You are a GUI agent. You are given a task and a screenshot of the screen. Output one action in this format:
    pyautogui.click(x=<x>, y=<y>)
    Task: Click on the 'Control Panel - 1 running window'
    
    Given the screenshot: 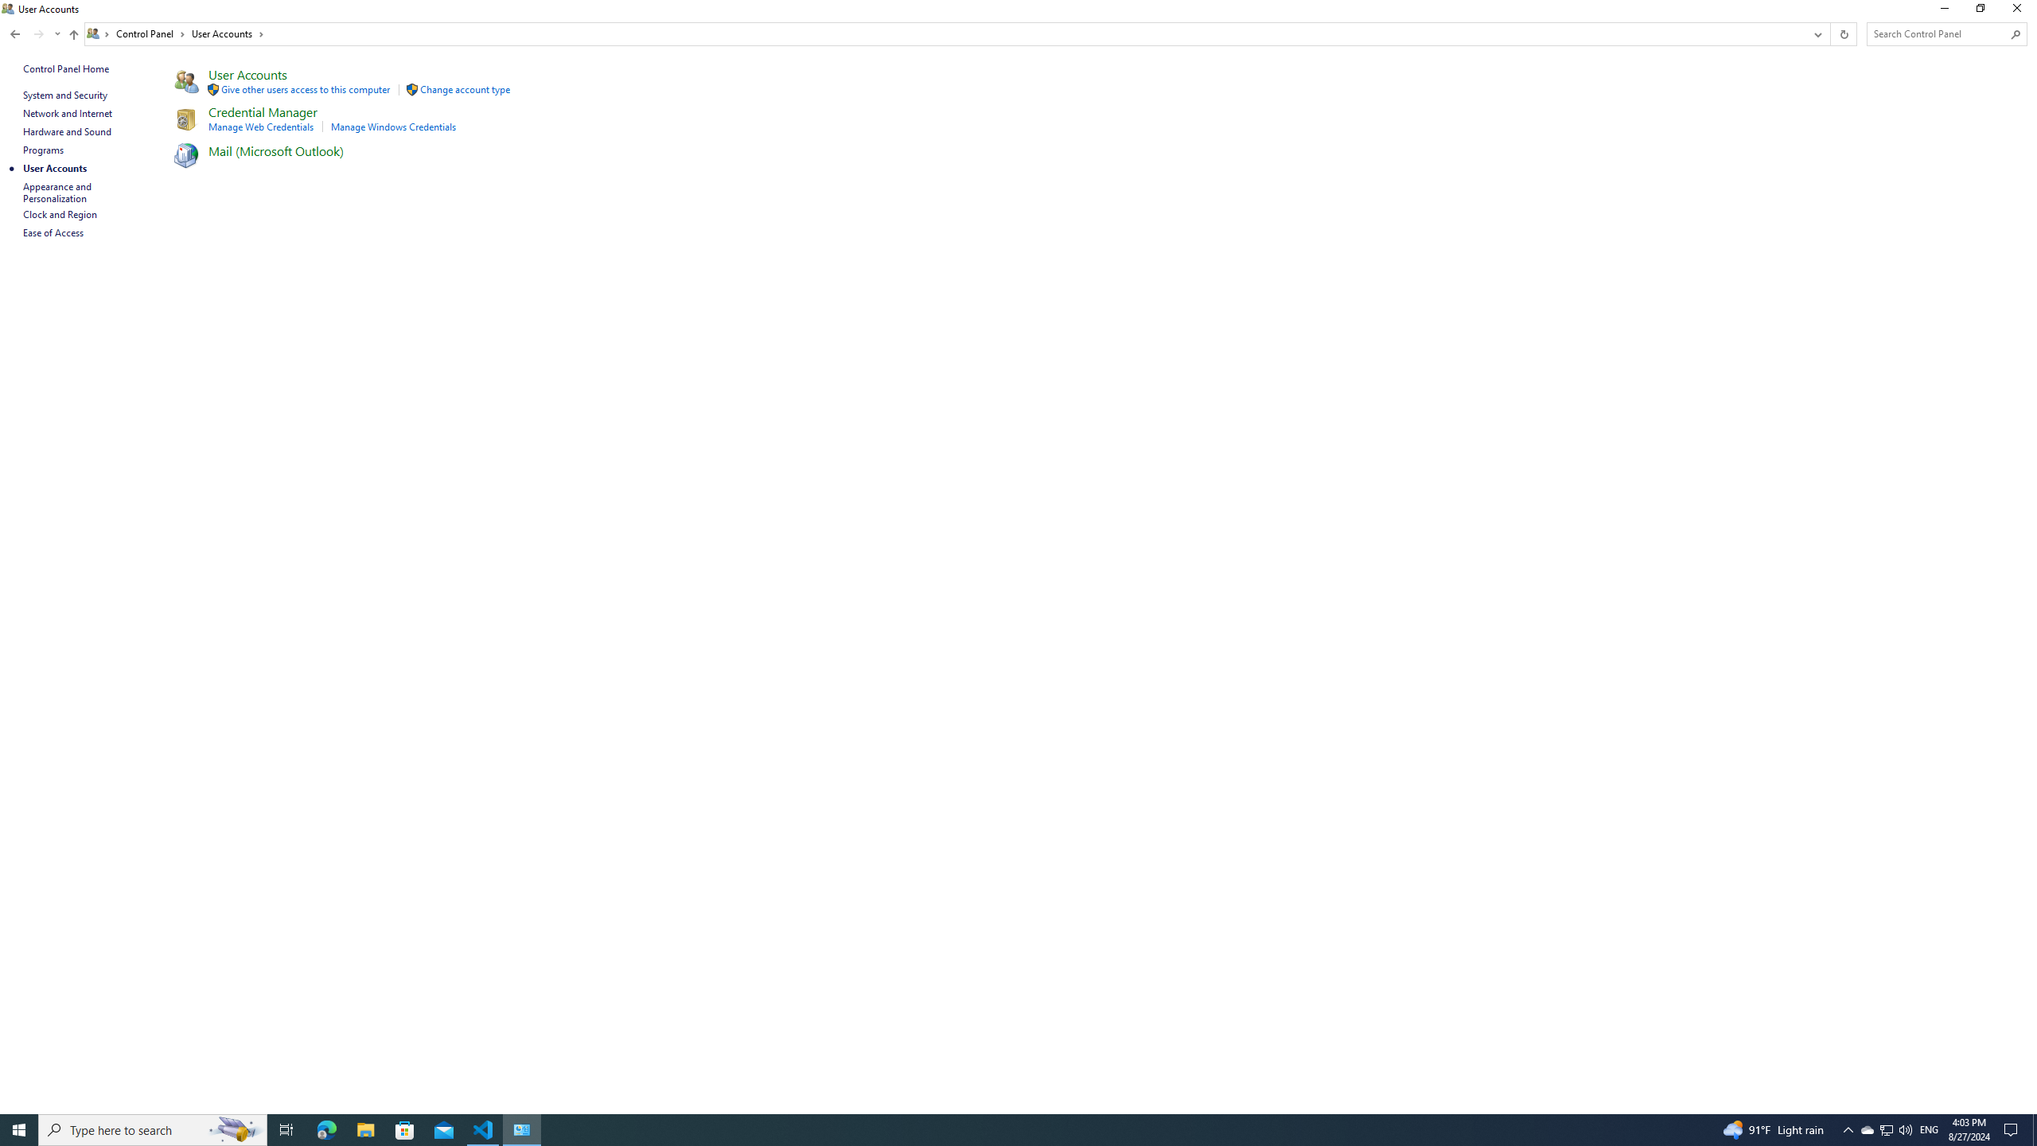 What is the action you would take?
    pyautogui.click(x=522, y=1128)
    